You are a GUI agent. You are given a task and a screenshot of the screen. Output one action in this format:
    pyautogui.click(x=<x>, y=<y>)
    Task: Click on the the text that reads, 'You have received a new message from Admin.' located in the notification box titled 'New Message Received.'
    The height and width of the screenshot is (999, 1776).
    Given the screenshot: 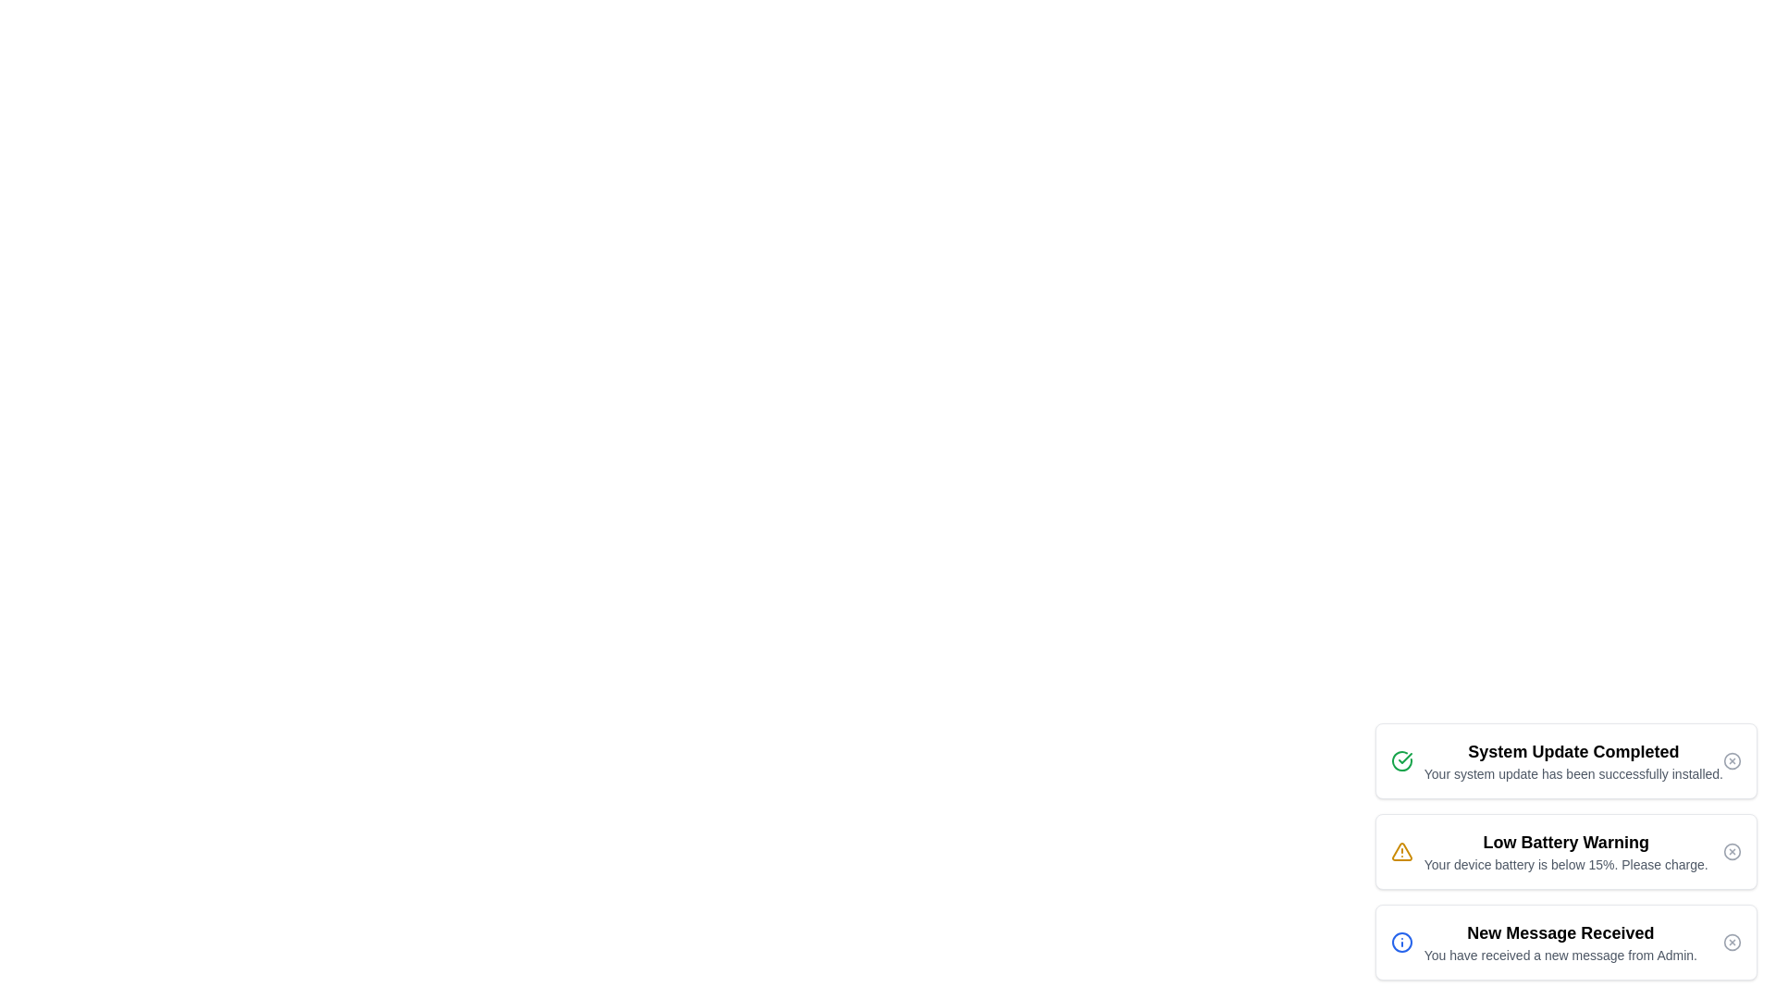 What is the action you would take?
    pyautogui.click(x=1560, y=956)
    